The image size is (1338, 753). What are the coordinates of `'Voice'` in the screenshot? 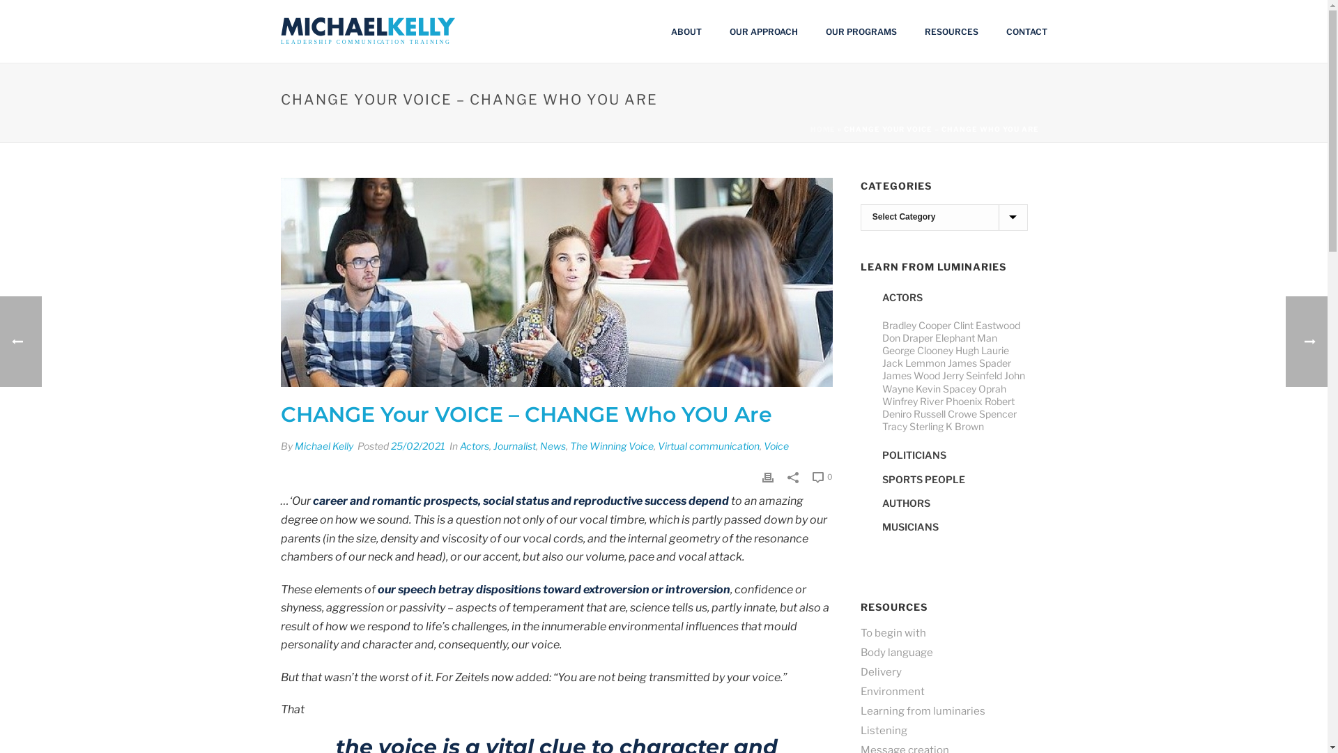 It's located at (775, 446).